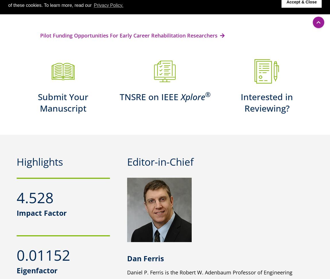 The image size is (330, 279). I want to click on 'Editor-in-Chief', so click(160, 161).